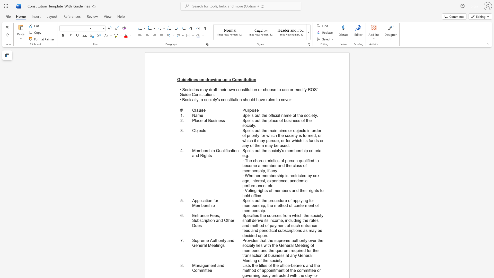  Describe the element at coordinates (255, 80) in the screenshot. I see `the 5th character "n" in the text` at that location.